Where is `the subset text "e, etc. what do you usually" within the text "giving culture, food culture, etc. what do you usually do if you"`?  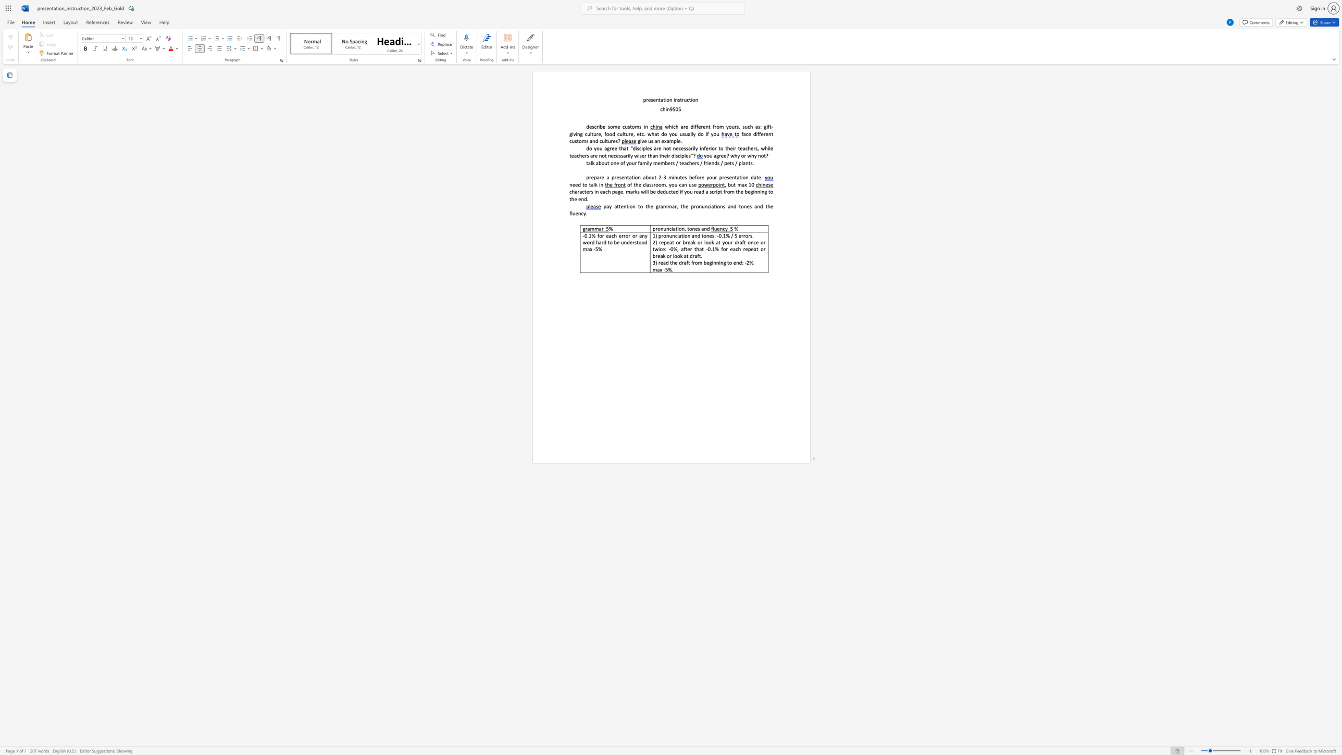 the subset text "e, etc. what do you usually" within the text "giving culture, food culture, etc. what do you usually do if you" is located at coordinates (630, 133).